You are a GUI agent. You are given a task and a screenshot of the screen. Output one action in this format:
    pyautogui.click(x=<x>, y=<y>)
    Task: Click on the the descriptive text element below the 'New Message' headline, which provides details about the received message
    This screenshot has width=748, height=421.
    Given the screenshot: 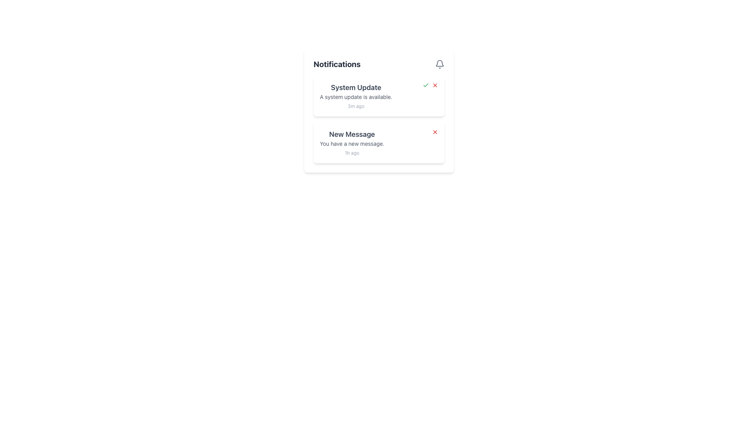 What is the action you would take?
    pyautogui.click(x=351, y=144)
    